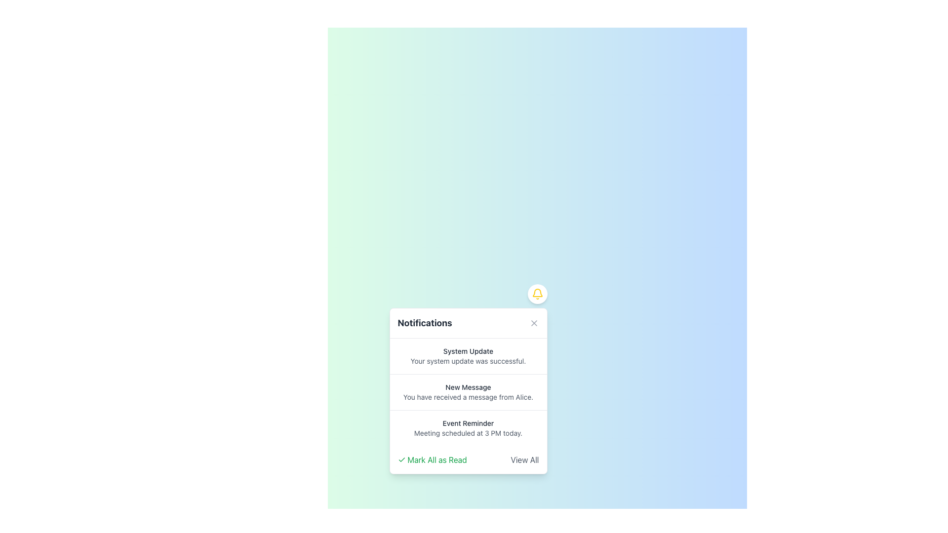 The height and width of the screenshot is (533, 948). I want to click on the Text Label that reads 'Meeting scheduled at 3 PM today.' located beneath the 'Event Reminder' heading in the notification card, so click(468, 433).